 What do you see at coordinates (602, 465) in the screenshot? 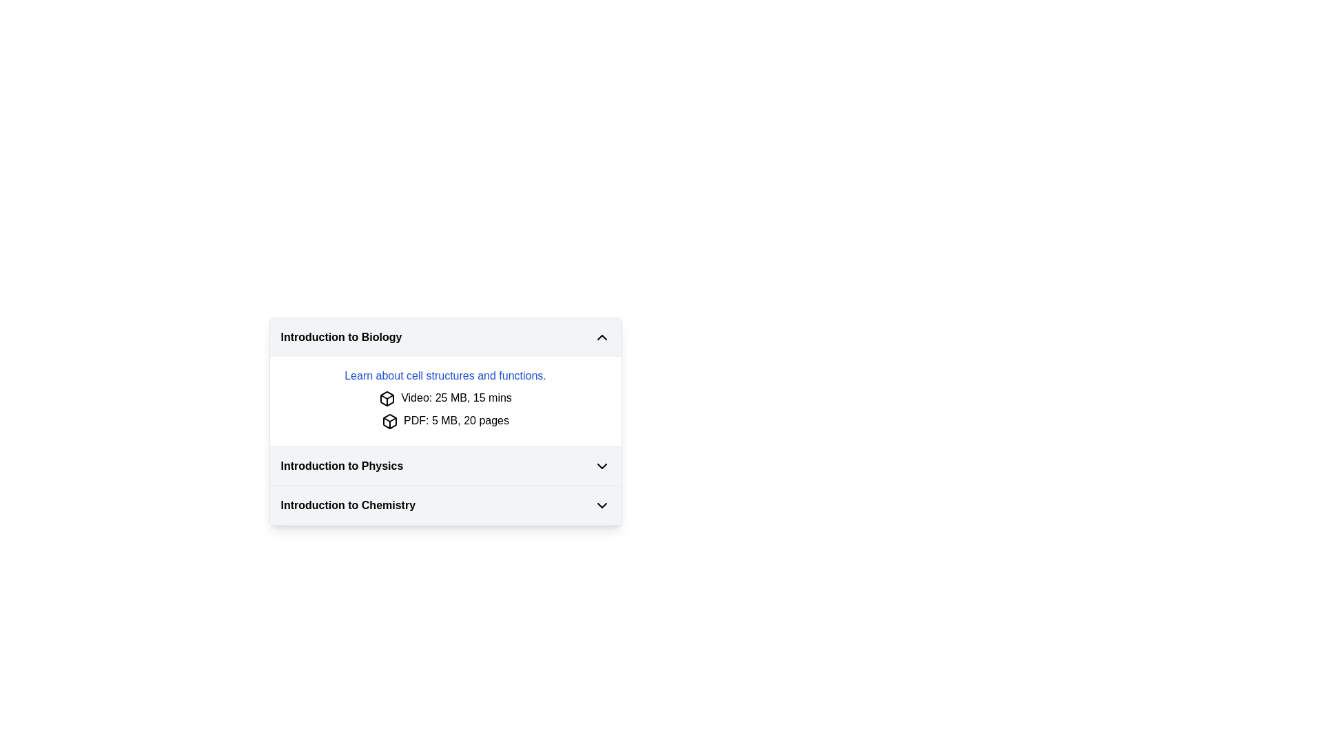
I see `the downward pointing chevron icon button located to the right of the text 'Introduction to Physics'` at bounding box center [602, 465].